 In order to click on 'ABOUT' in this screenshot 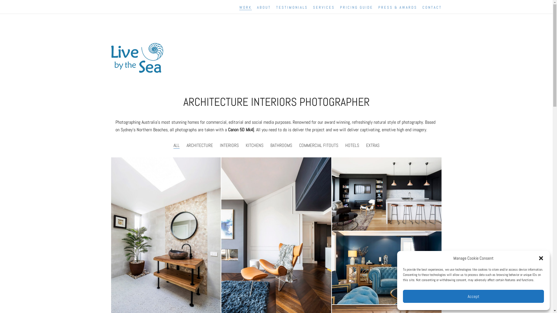, I will do `click(264, 7)`.